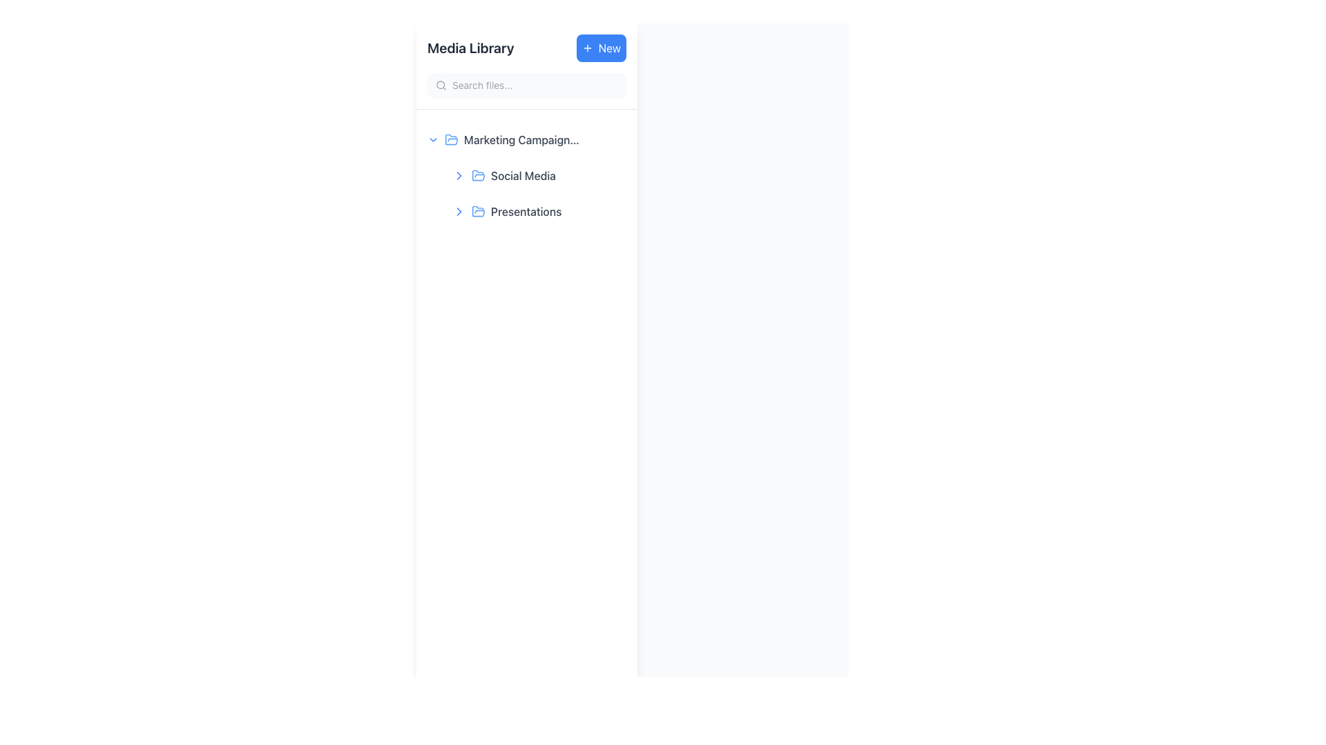 This screenshot has width=1326, height=745. Describe the element at coordinates (451, 139) in the screenshot. I see `the blue stylized folder icon located in the left panel of the interface, which is part of the 'Marketing Campaign' folder listing` at that location.